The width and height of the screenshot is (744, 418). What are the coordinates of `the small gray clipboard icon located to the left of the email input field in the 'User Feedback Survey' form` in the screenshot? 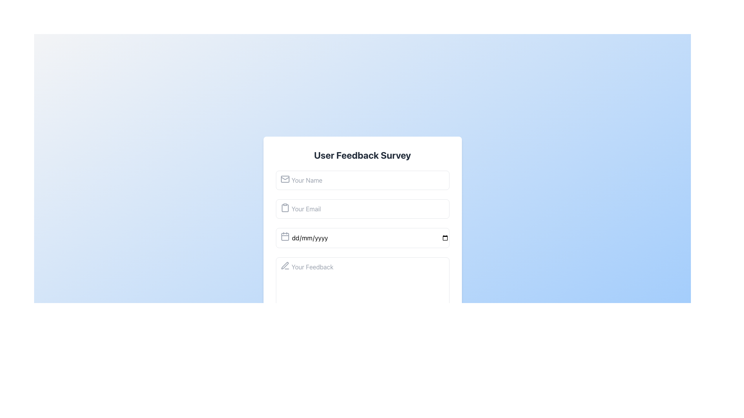 It's located at (284, 207).